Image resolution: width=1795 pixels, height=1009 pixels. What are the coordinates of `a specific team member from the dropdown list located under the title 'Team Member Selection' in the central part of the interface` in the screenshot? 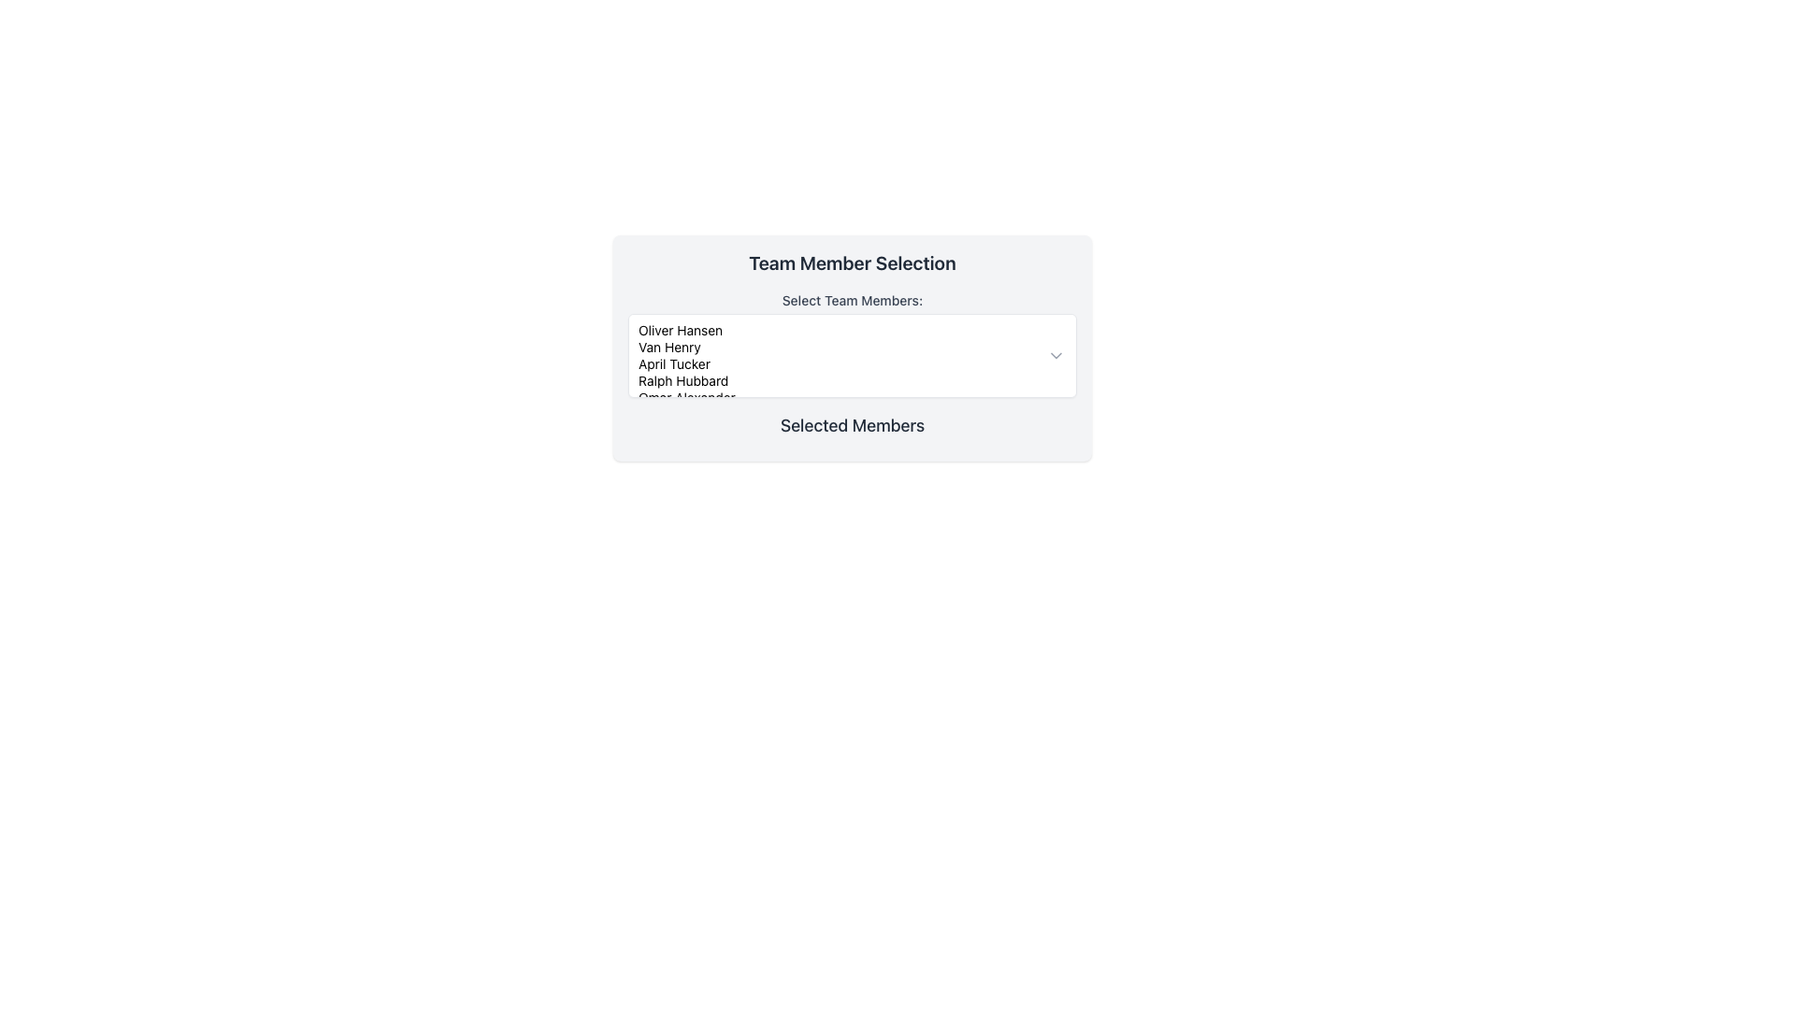 It's located at (852, 345).